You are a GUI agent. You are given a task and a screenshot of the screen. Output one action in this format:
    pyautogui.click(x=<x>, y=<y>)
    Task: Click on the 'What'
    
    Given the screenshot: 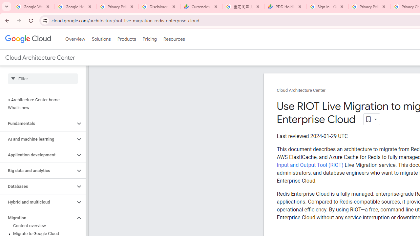 What is the action you would take?
    pyautogui.click(x=41, y=108)
    